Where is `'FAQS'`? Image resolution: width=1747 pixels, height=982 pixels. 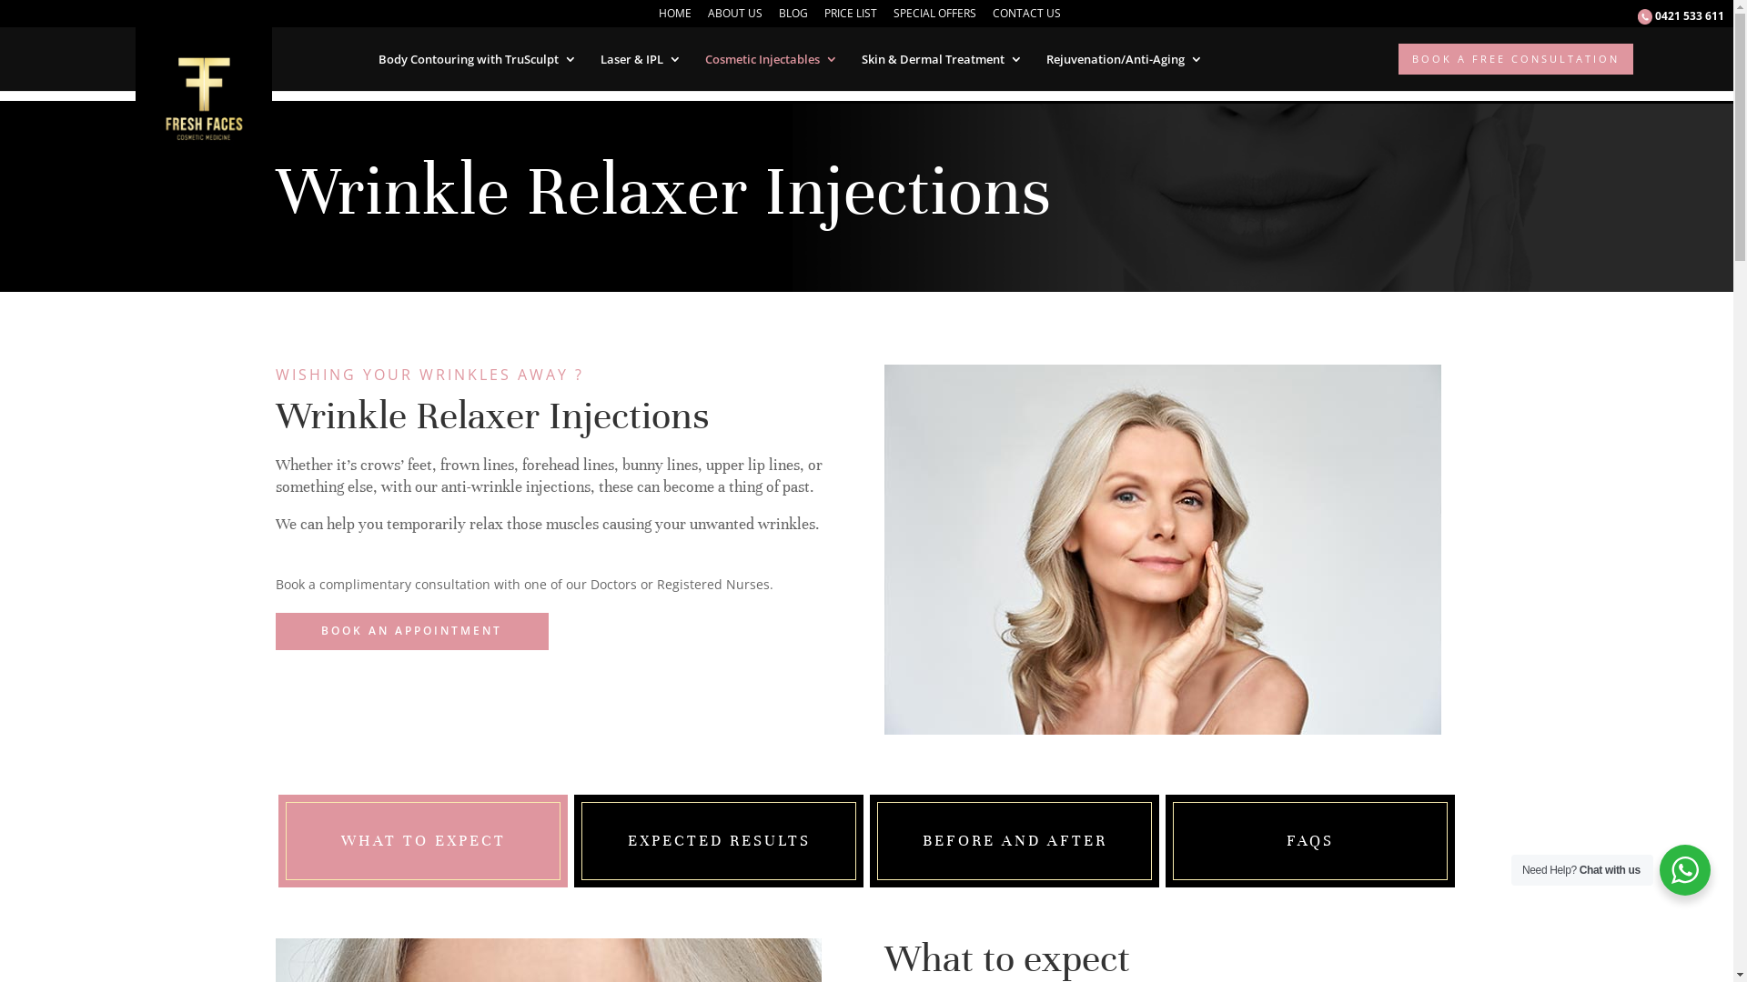
'FAQS' is located at coordinates (1286, 840).